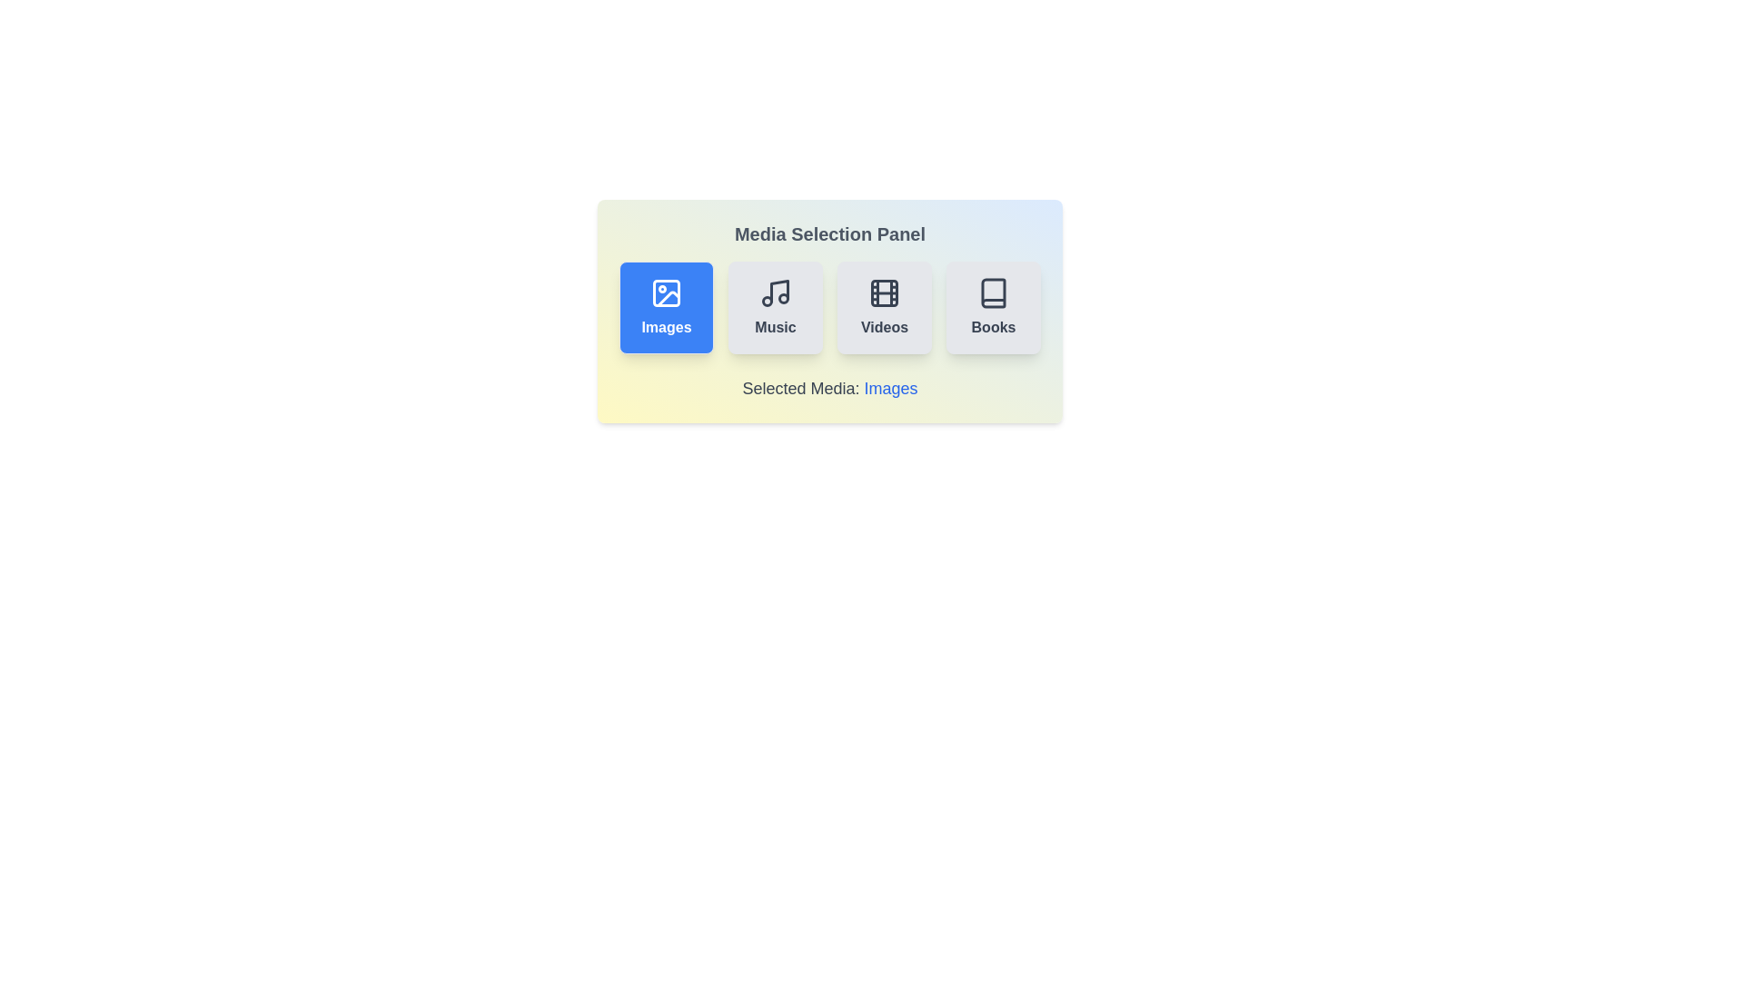  Describe the element at coordinates (993, 307) in the screenshot. I see `the button for media type Books` at that location.